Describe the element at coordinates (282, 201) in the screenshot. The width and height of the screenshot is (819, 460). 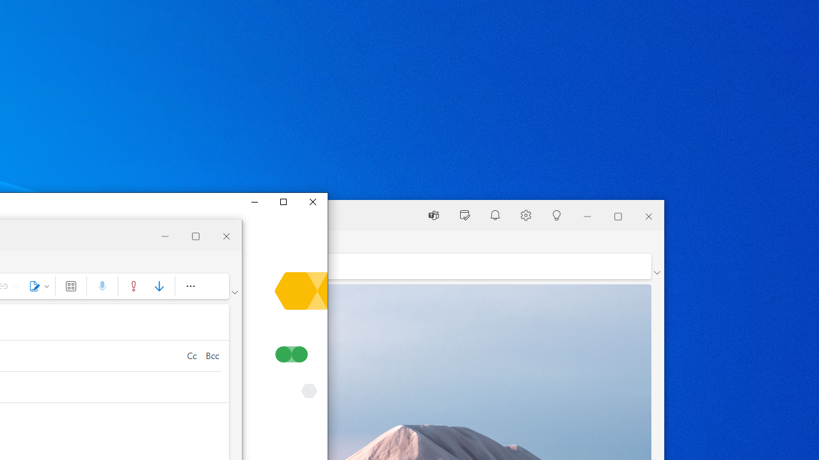
I see `'Maximize'` at that location.